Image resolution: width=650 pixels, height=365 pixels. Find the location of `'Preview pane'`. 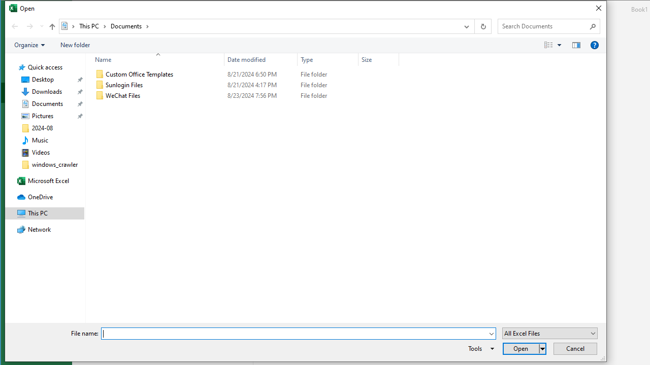

'Preview pane' is located at coordinates (576, 45).